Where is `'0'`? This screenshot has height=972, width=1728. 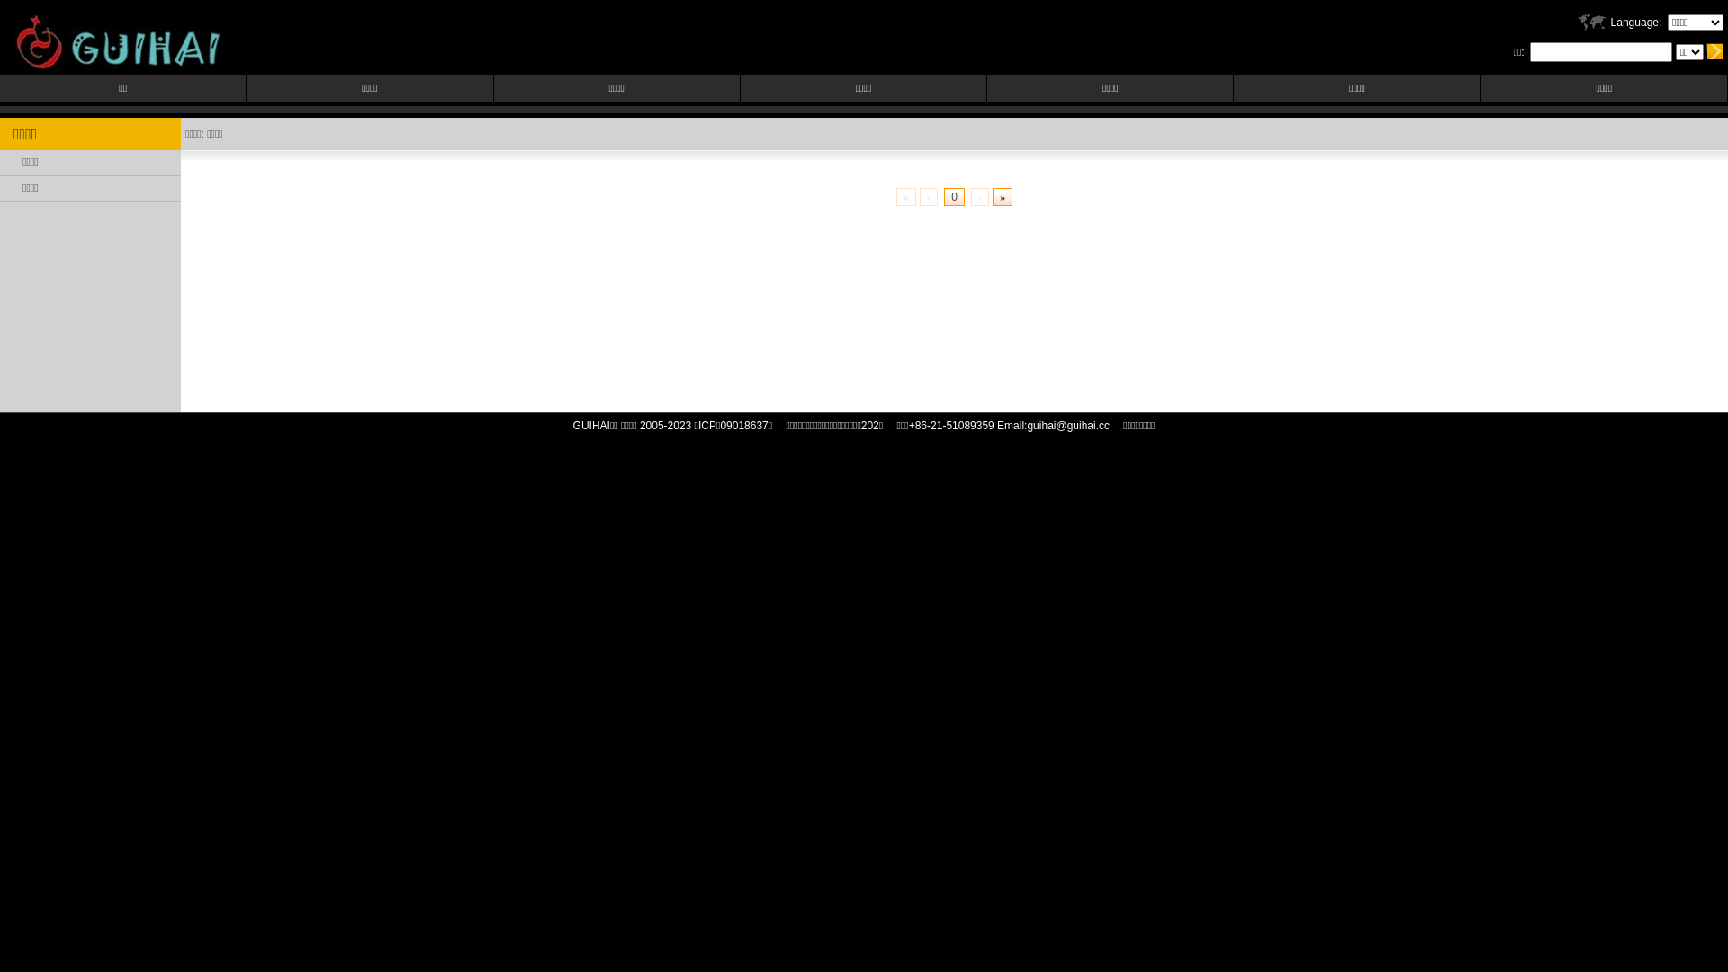 '0' is located at coordinates (953, 197).